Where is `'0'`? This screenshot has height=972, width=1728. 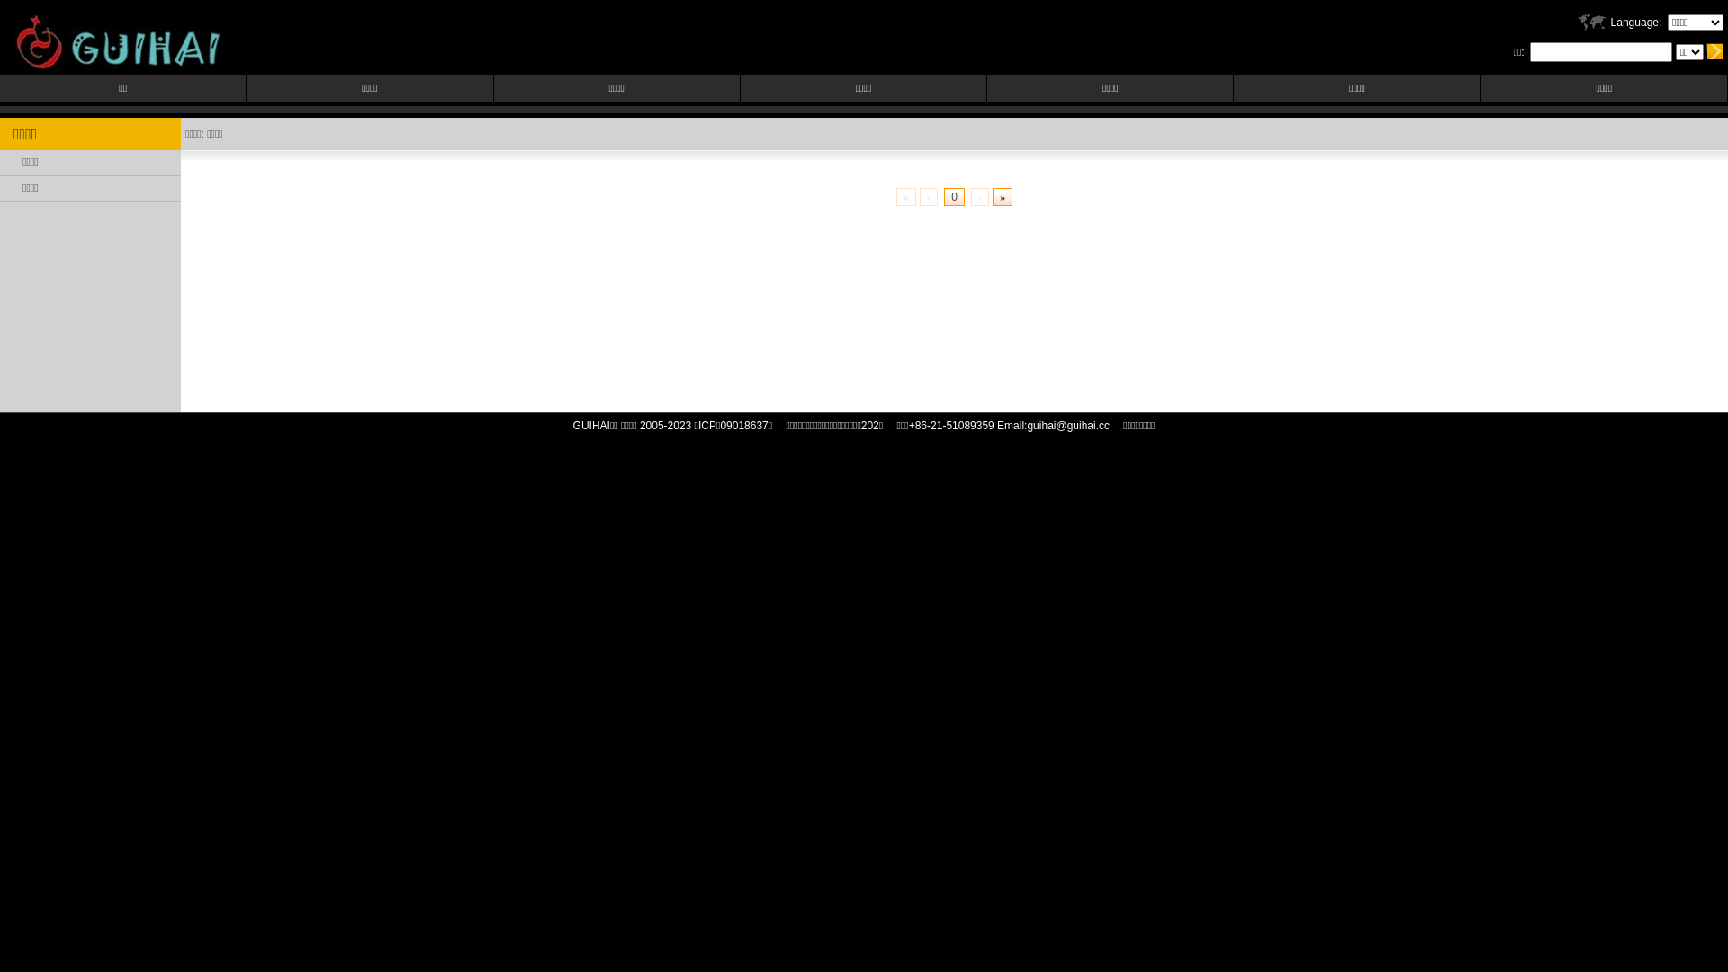 '0' is located at coordinates (953, 197).